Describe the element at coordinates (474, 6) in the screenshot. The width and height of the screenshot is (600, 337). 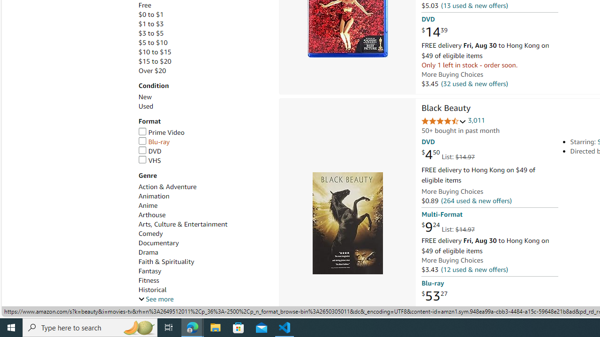
I see `'(13 used & new offers)'` at that location.